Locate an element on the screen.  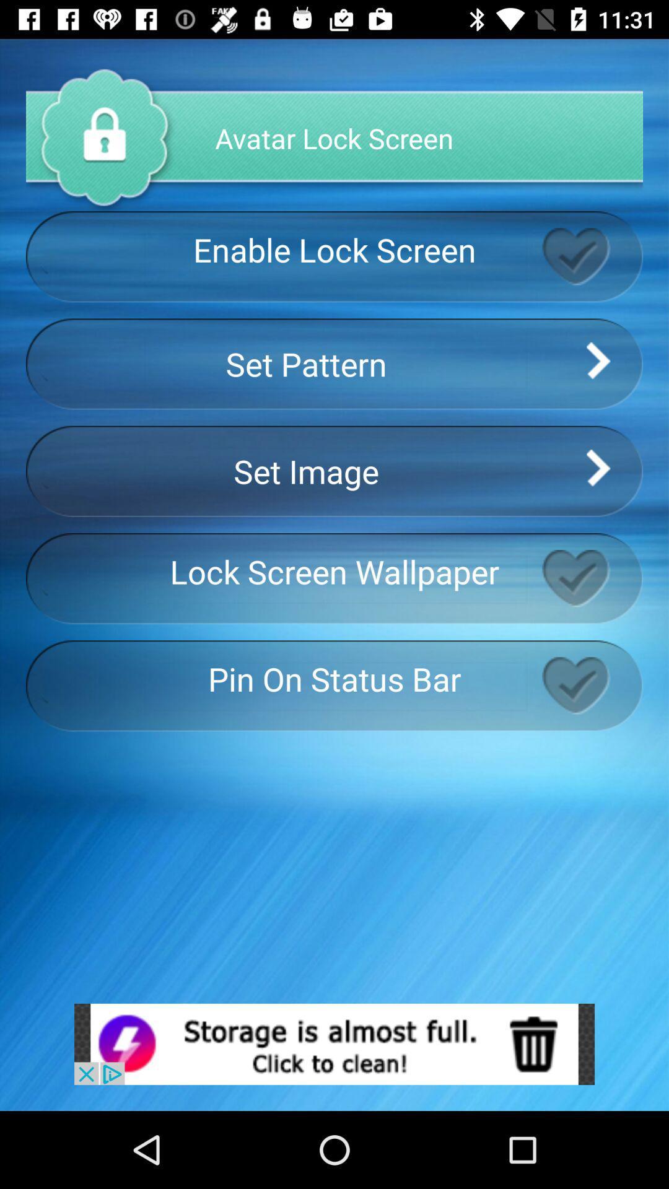
clean the storage is located at coordinates (334, 1043).